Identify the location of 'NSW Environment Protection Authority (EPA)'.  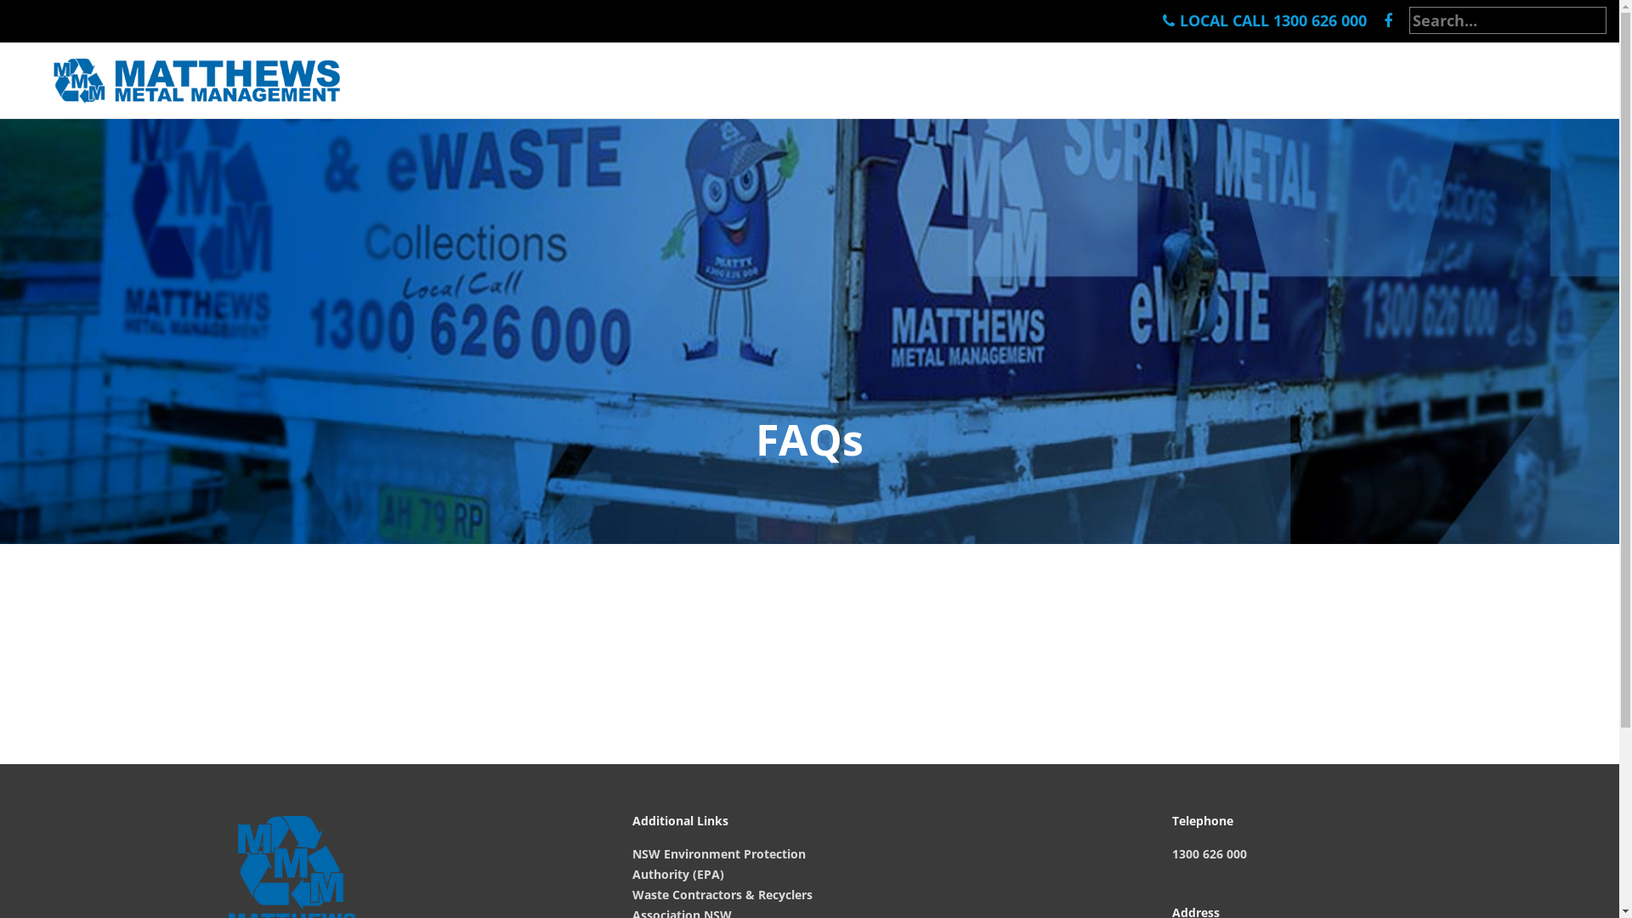
(632, 864).